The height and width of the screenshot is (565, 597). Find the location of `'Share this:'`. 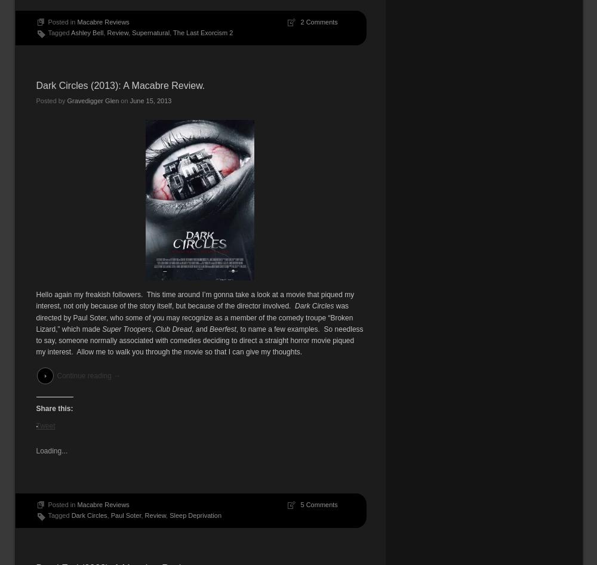

'Share this:' is located at coordinates (54, 407).